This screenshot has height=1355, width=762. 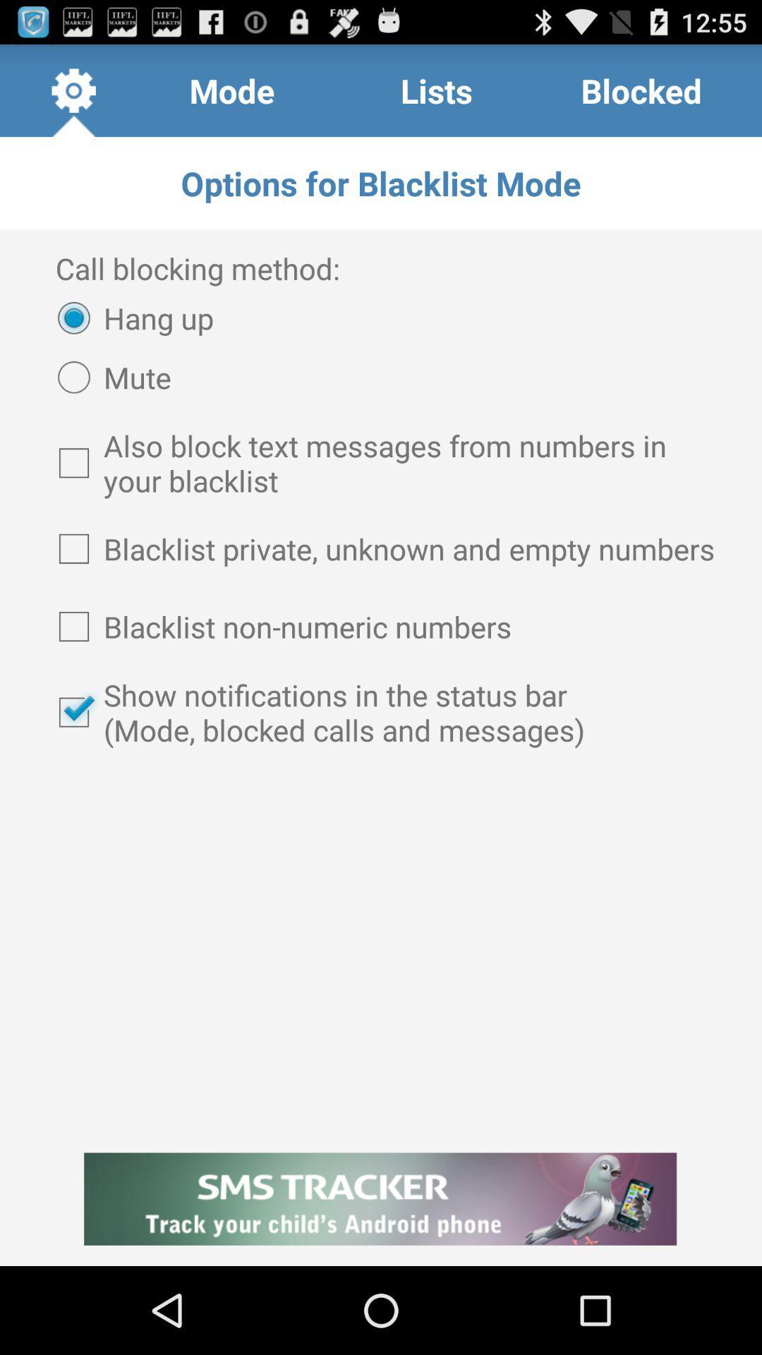 What do you see at coordinates (128, 317) in the screenshot?
I see `the radio button above the mute` at bounding box center [128, 317].